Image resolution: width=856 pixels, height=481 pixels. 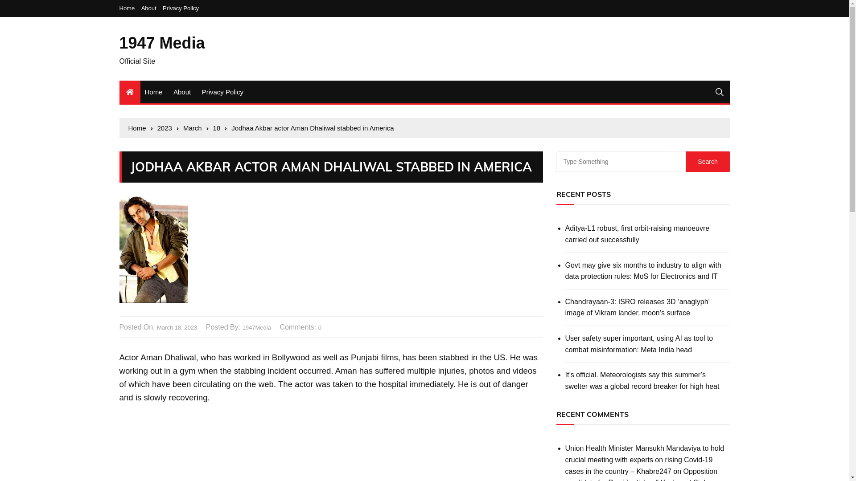 What do you see at coordinates (151, 8) in the screenshot?
I see `'About'` at bounding box center [151, 8].